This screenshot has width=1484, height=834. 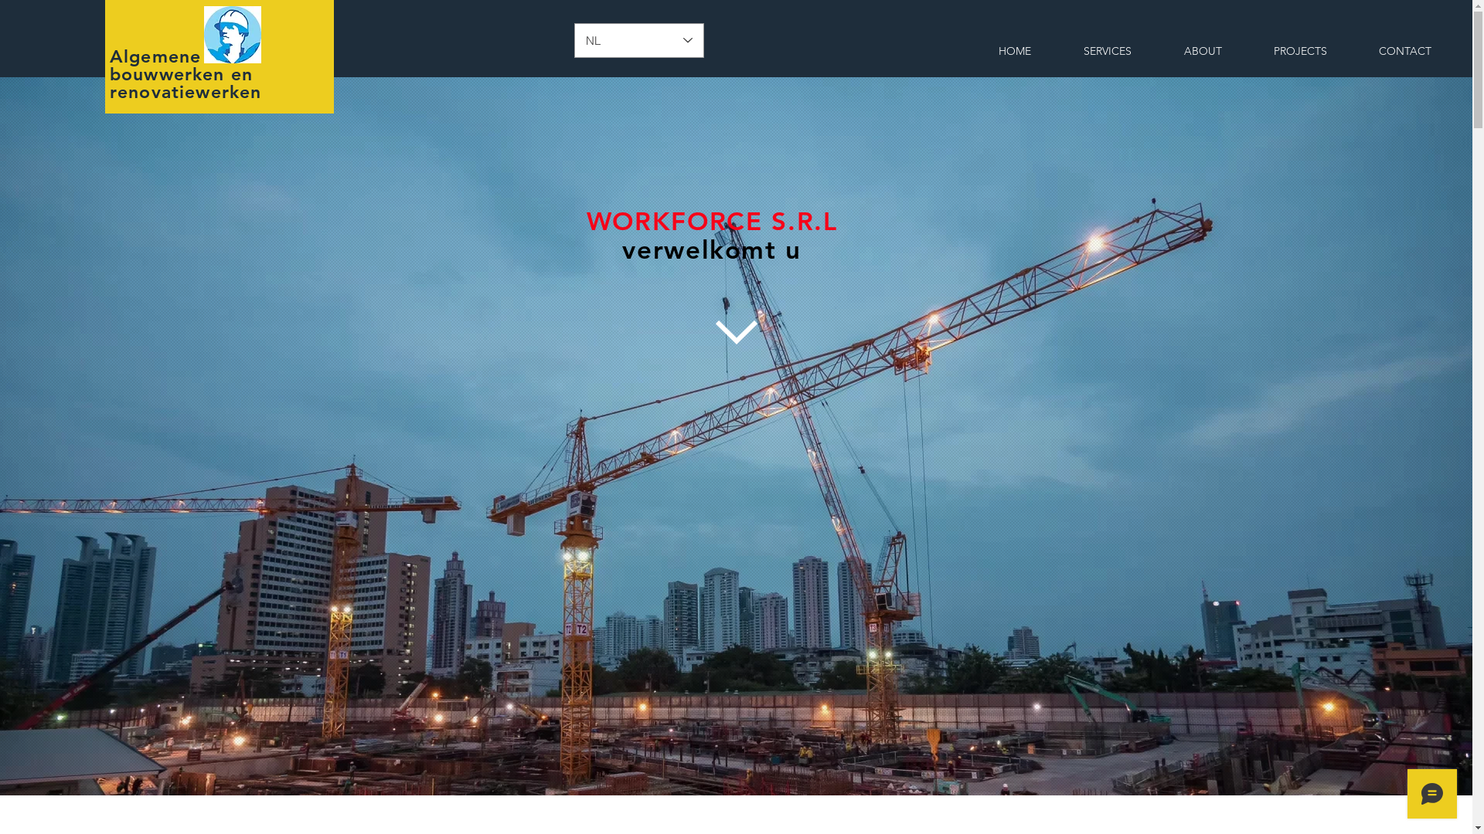 What do you see at coordinates (1201, 50) in the screenshot?
I see `'ABOUT'` at bounding box center [1201, 50].